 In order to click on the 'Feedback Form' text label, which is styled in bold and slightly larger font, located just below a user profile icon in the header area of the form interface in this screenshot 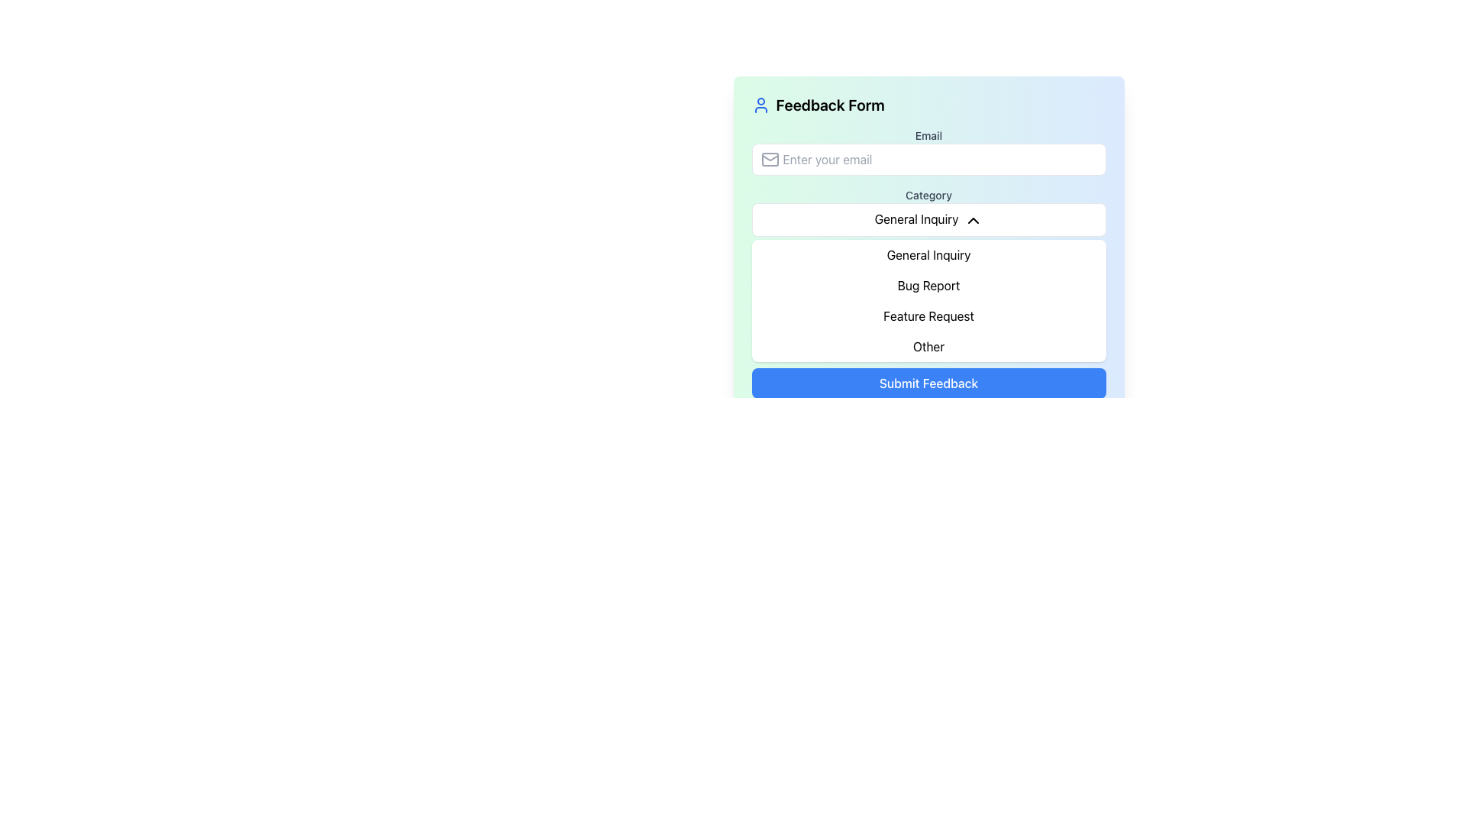, I will do `click(829, 105)`.